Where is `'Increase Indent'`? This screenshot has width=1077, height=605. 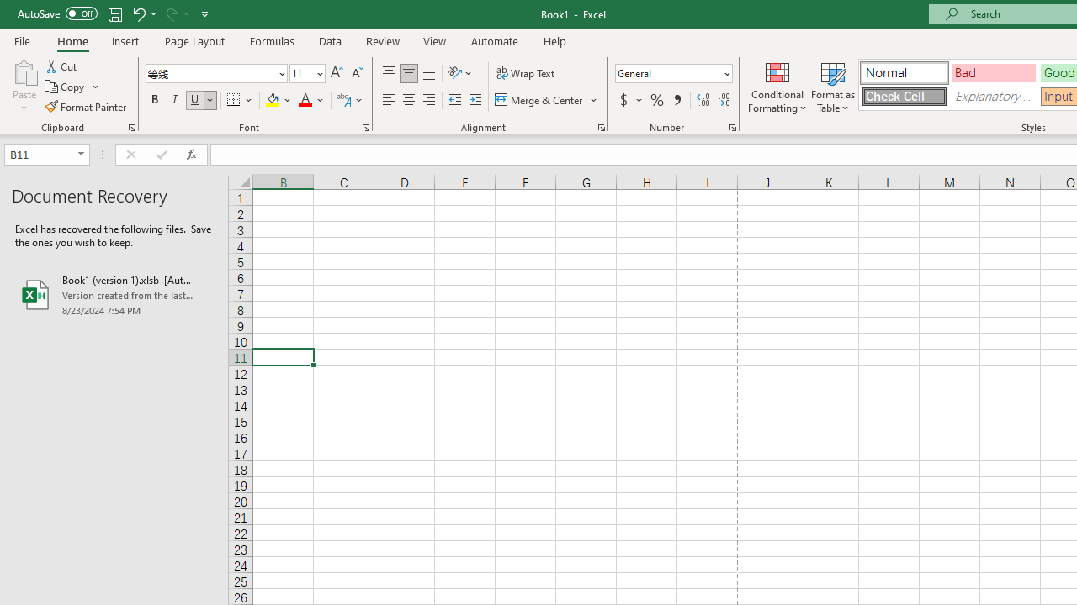
'Increase Indent' is located at coordinates (475, 100).